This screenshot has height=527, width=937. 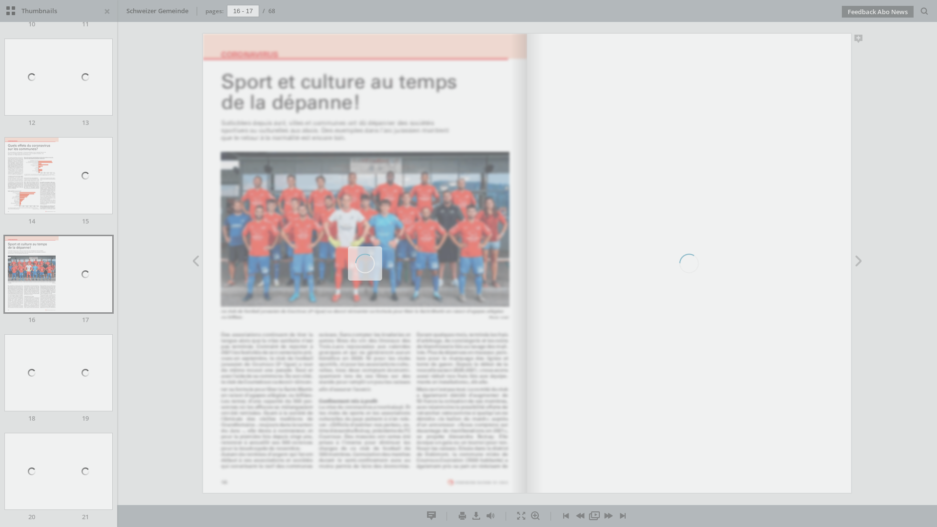 What do you see at coordinates (490, 515) in the screenshot?
I see `'Toggle Sound'` at bounding box center [490, 515].